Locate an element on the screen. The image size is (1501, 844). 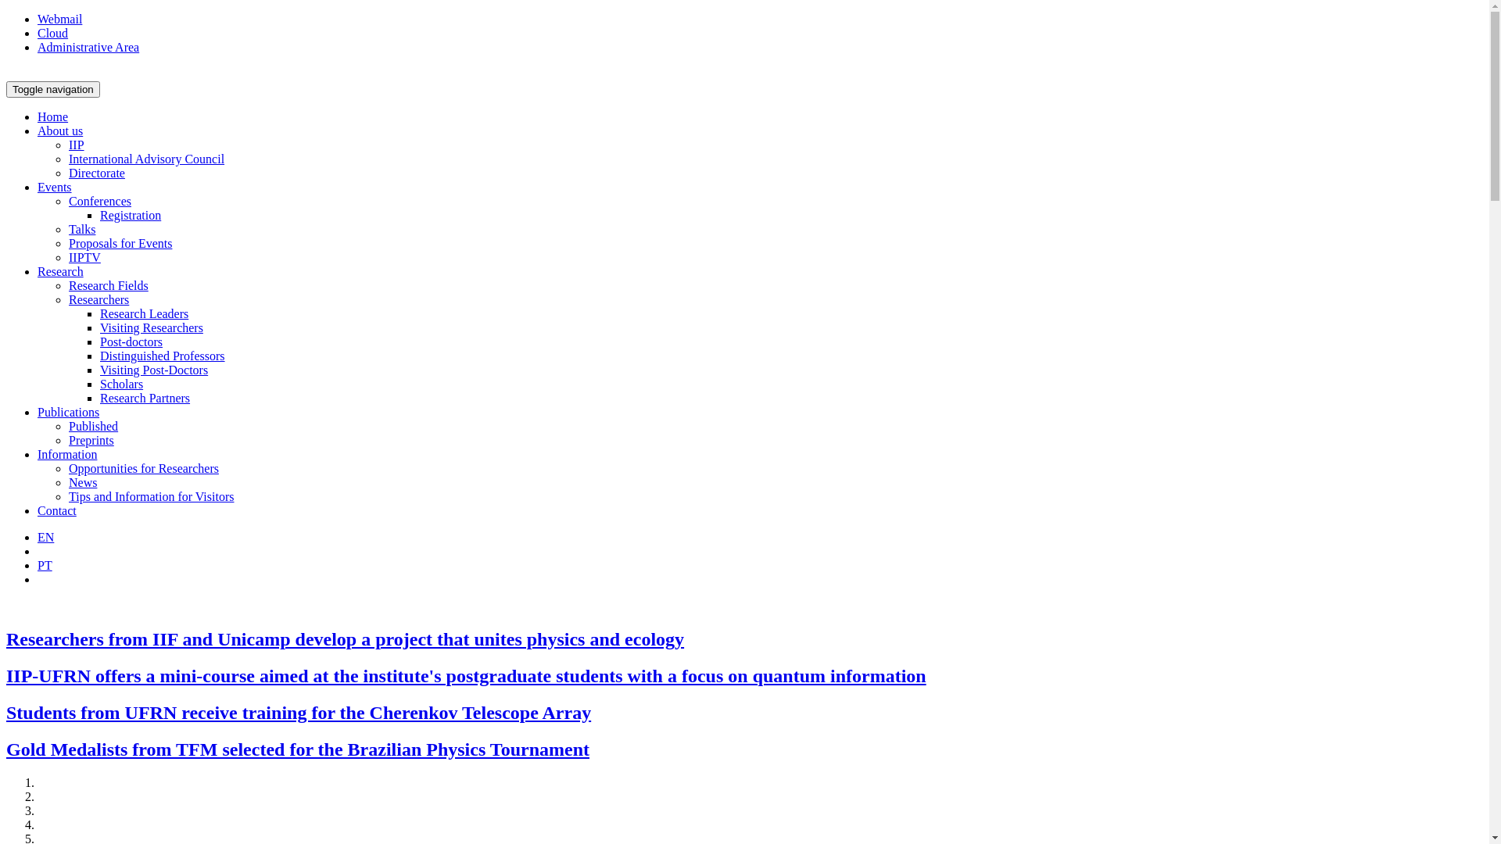
'Researchers' is located at coordinates (98, 299).